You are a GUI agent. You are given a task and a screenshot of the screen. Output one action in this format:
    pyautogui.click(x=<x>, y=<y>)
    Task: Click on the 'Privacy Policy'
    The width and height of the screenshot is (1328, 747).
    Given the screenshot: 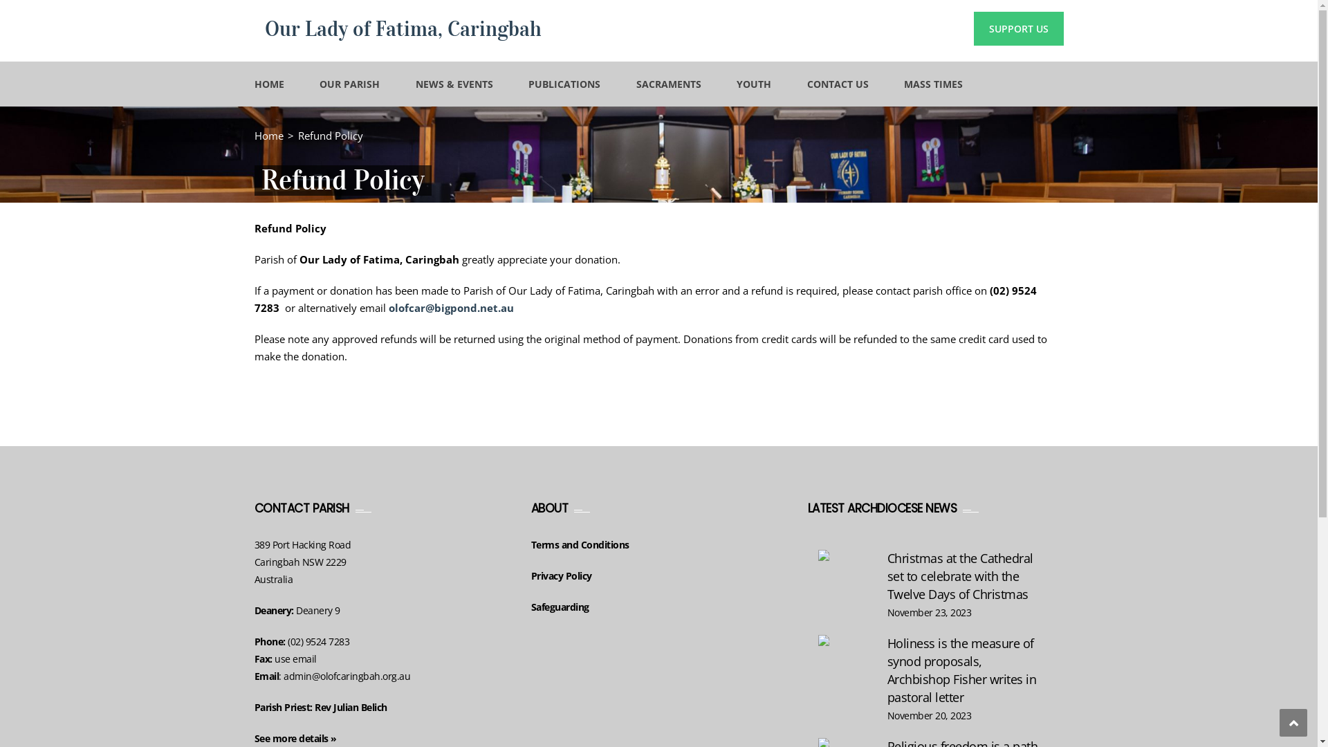 What is the action you would take?
    pyautogui.click(x=531, y=575)
    